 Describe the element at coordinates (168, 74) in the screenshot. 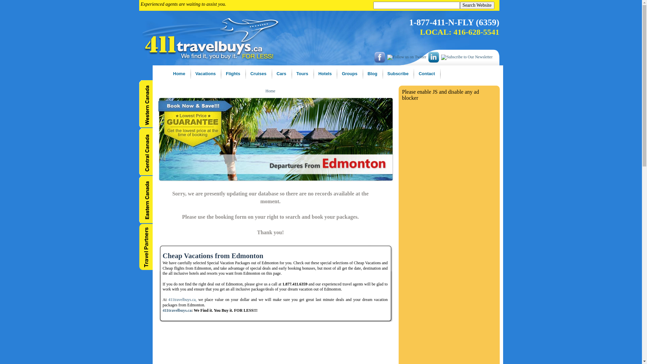

I see `'Home'` at that location.